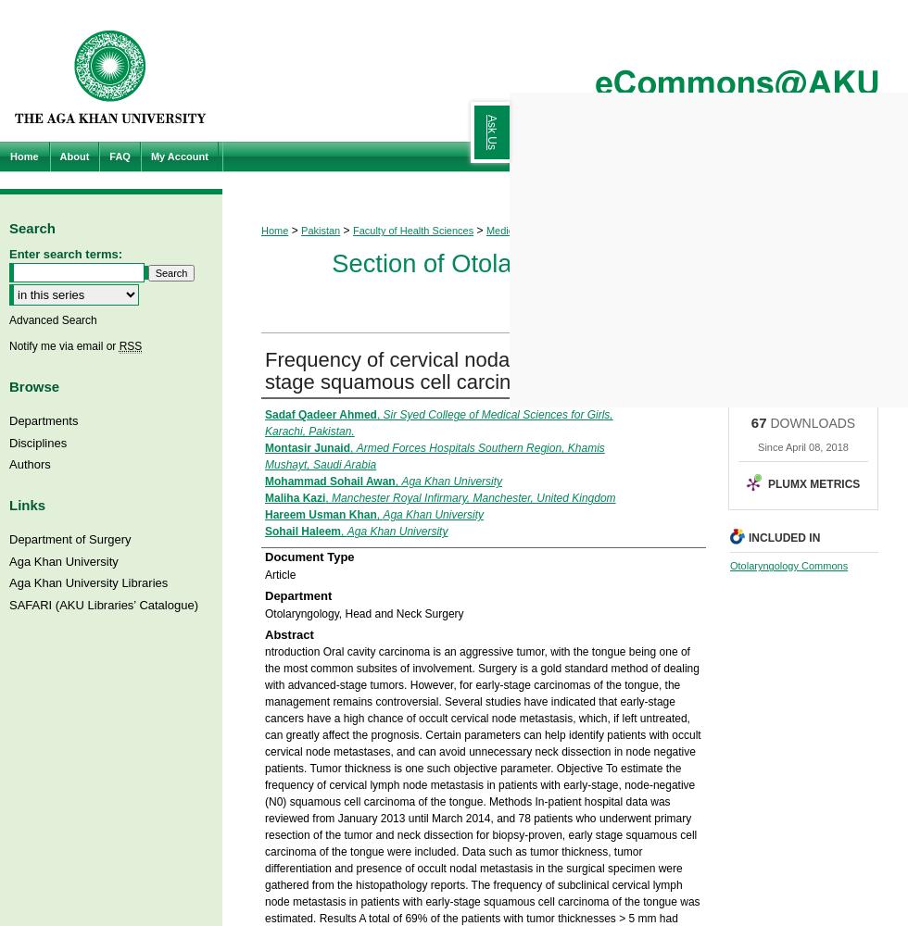 Image resolution: width=908 pixels, height=926 pixels. Describe the element at coordinates (289, 633) in the screenshot. I see `'Abstract'` at that location.